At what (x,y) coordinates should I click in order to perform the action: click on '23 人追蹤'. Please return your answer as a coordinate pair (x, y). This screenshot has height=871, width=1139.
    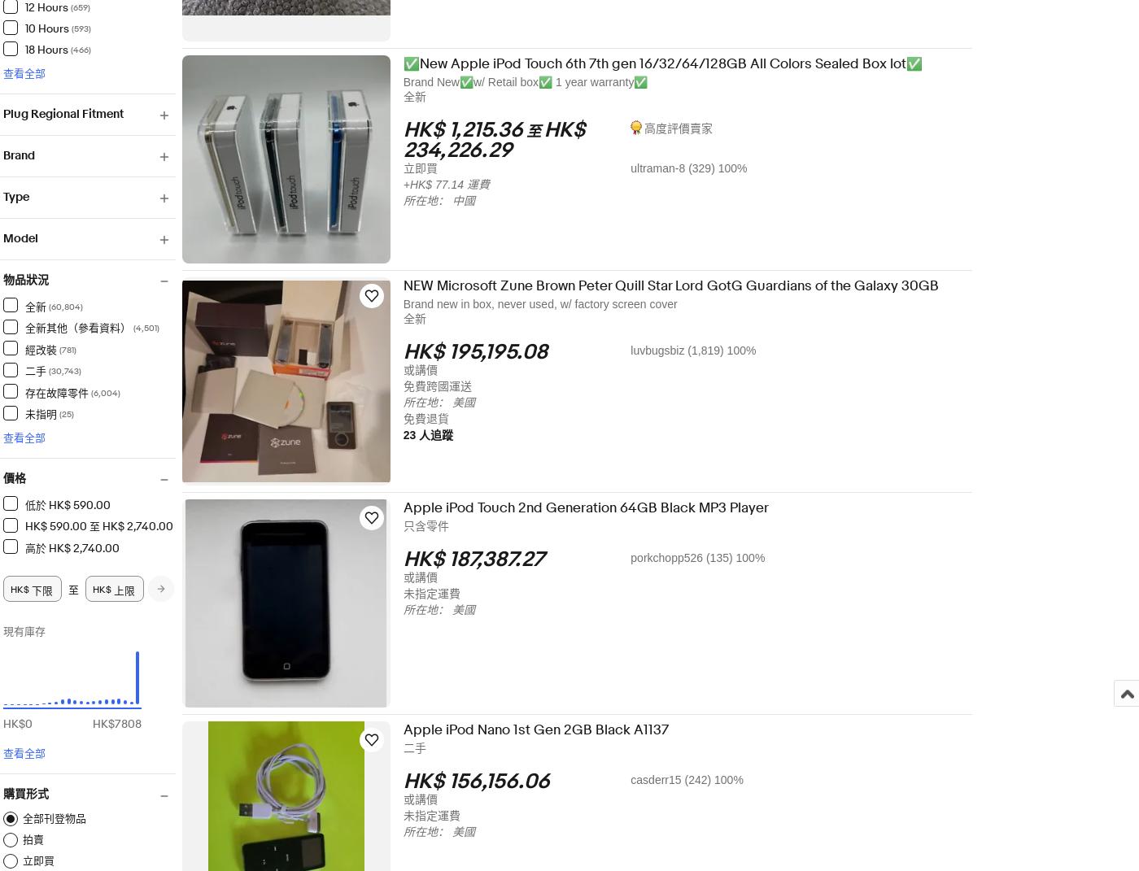
    Looking at the image, I should click on (439, 433).